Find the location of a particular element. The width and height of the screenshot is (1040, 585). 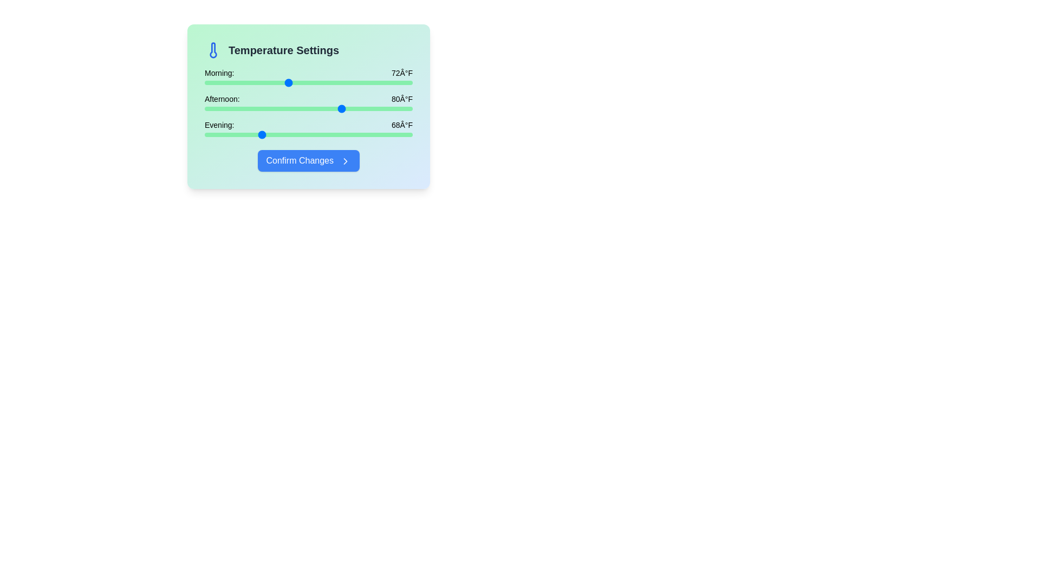

the afternoon temperature slider to 74°F is located at coordinates (302, 108).